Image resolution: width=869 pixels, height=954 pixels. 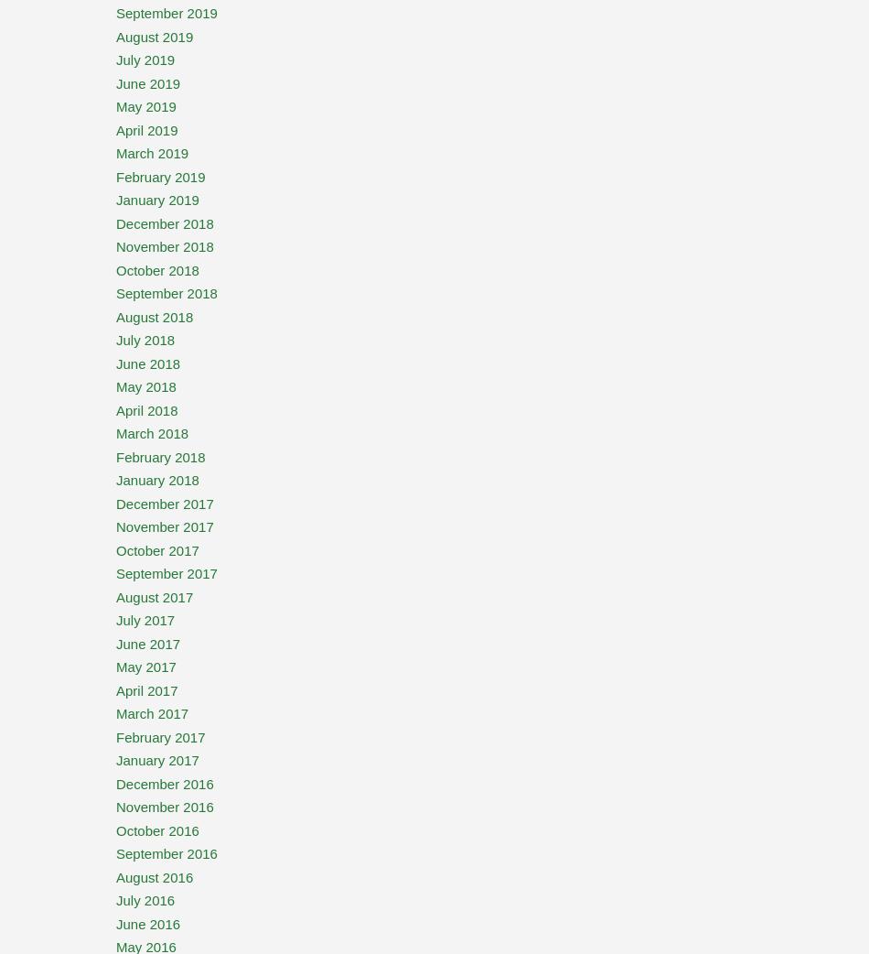 What do you see at coordinates (146, 409) in the screenshot?
I see `'April 2018'` at bounding box center [146, 409].